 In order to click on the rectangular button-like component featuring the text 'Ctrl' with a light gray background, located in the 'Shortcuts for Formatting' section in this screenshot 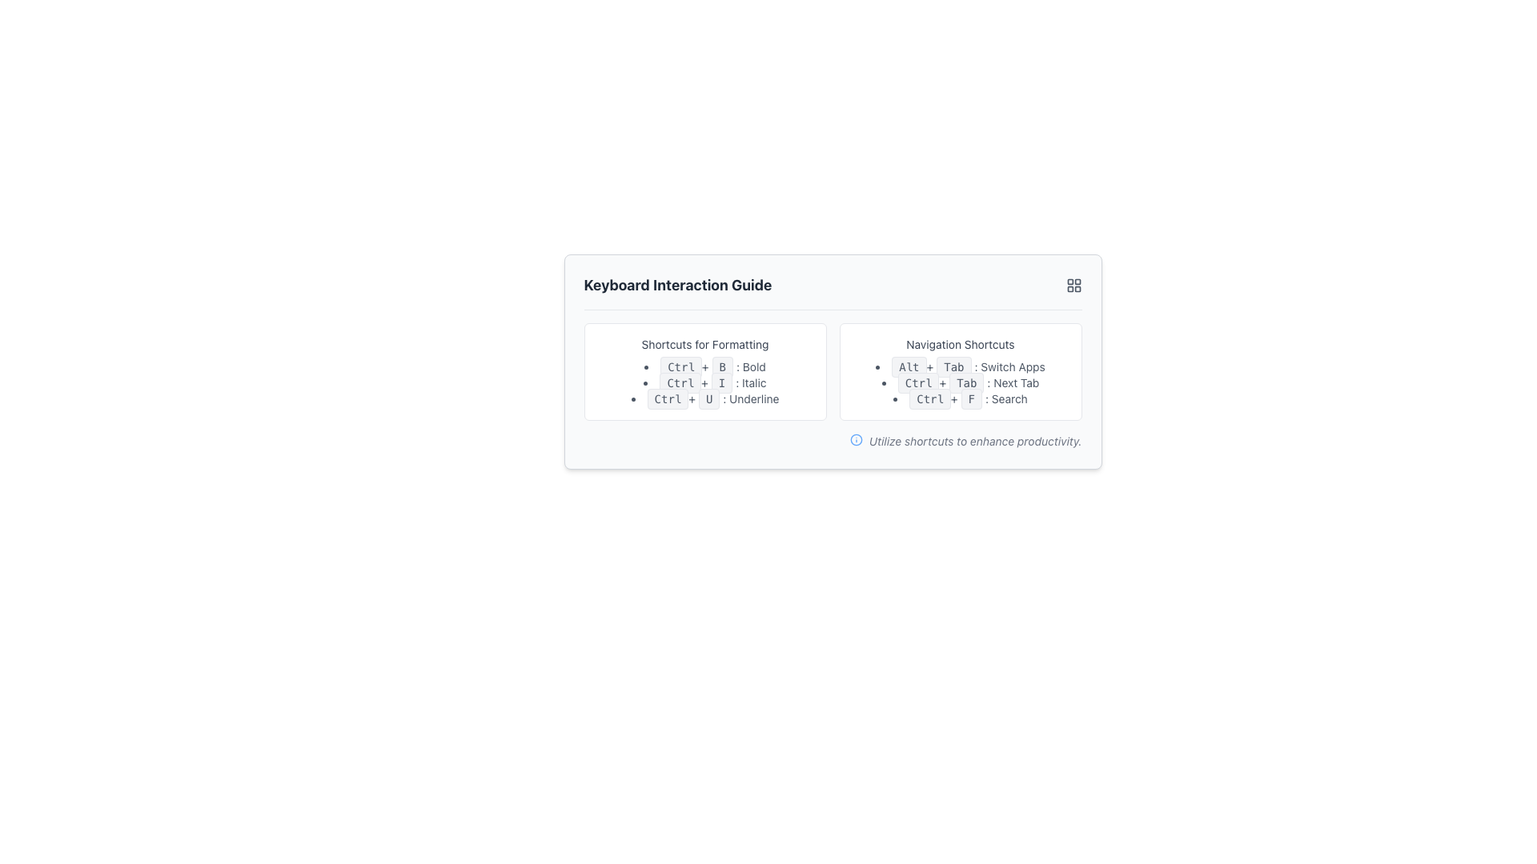, I will do `click(680, 382)`.